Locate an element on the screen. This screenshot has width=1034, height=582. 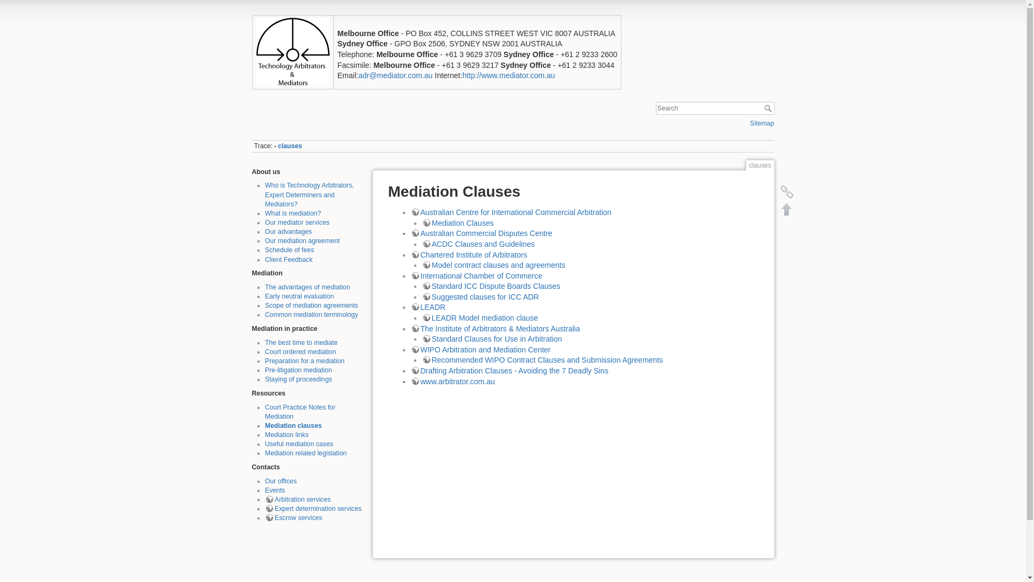
'Mediation clauses' is located at coordinates (294, 425).